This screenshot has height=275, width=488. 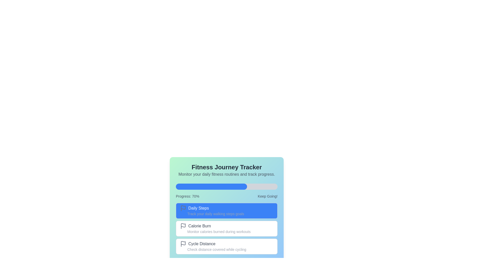 What do you see at coordinates (230, 214) in the screenshot?
I see `the static text label providing additional information about the 'Daily Steps' block to read the description` at bounding box center [230, 214].